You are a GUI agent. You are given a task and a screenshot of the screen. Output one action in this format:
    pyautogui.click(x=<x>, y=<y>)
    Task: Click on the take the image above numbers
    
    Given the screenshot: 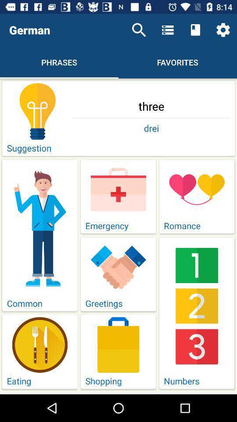 What is the action you would take?
    pyautogui.click(x=197, y=306)
    